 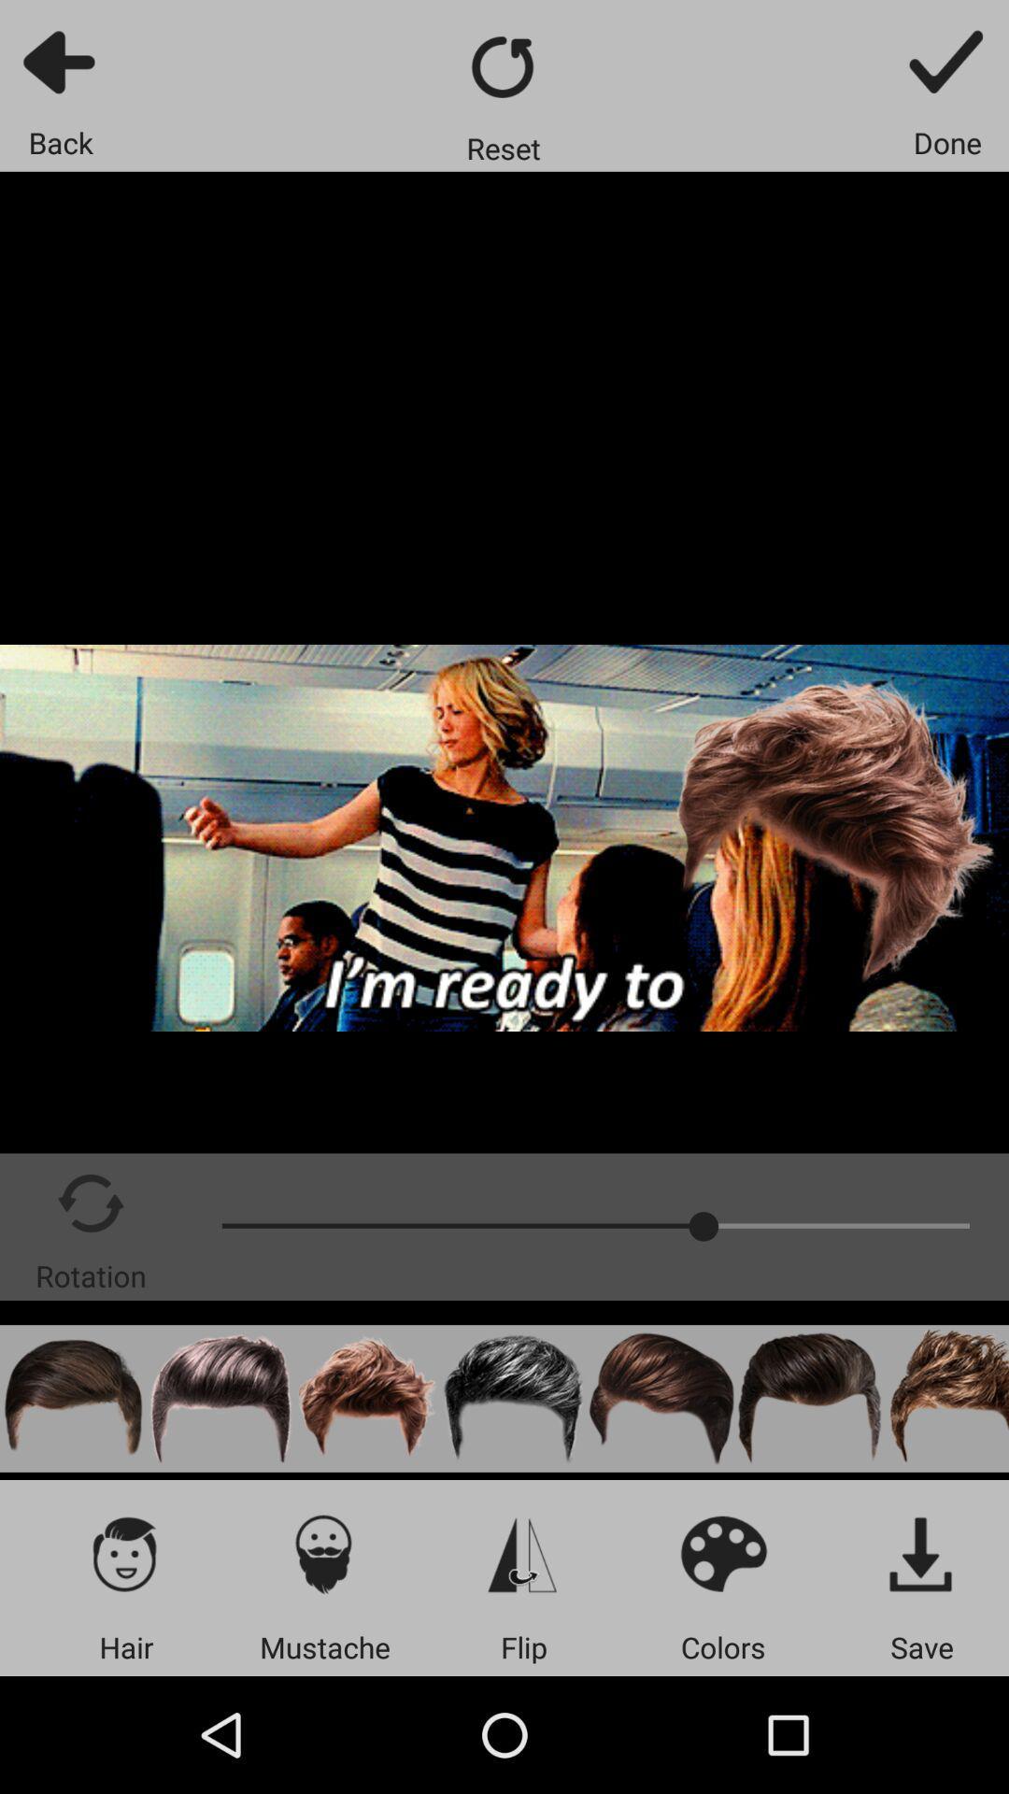 What do you see at coordinates (515, 1399) in the screenshot?
I see `this hairstyle` at bounding box center [515, 1399].